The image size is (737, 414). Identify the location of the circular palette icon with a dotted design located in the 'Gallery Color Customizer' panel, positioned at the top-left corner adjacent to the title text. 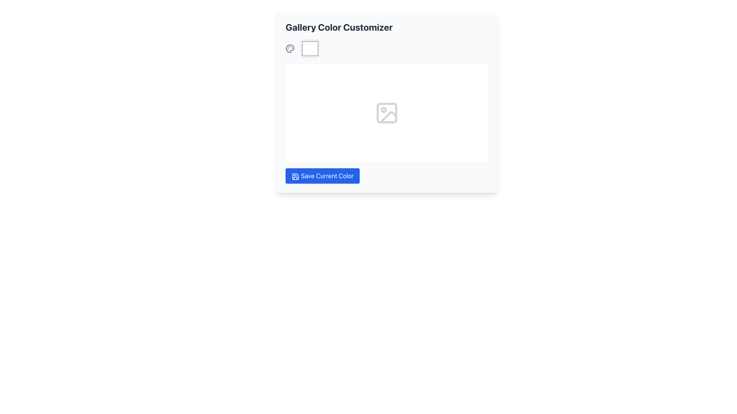
(289, 49).